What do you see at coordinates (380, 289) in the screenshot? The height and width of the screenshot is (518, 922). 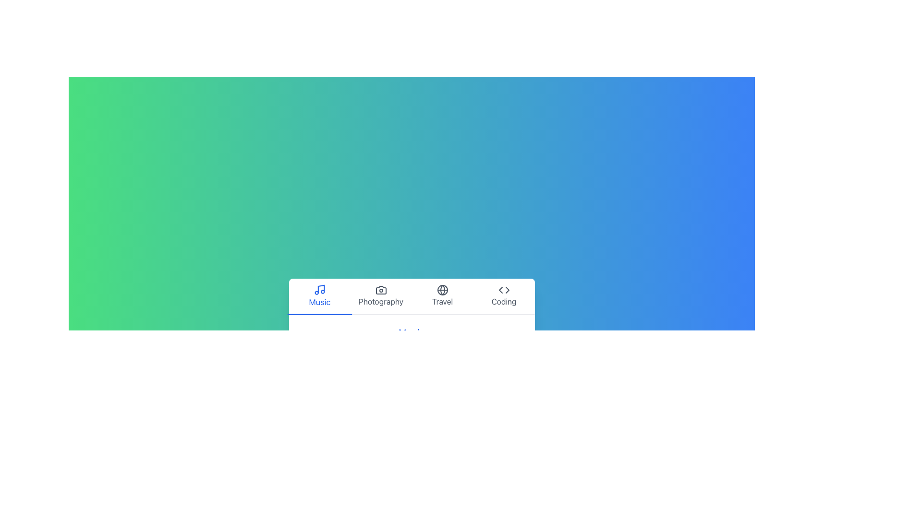 I see `the camera icon located in the second position of the horizontal menu bar under the 'Photography' label` at bounding box center [380, 289].